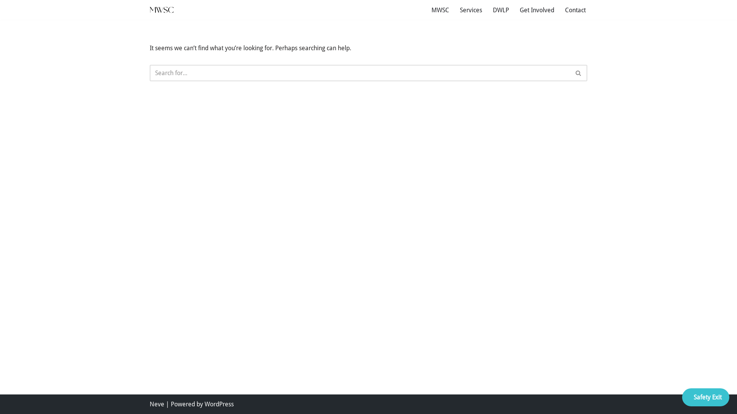 This screenshot has height=414, width=737. I want to click on 'Services', so click(471, 10).